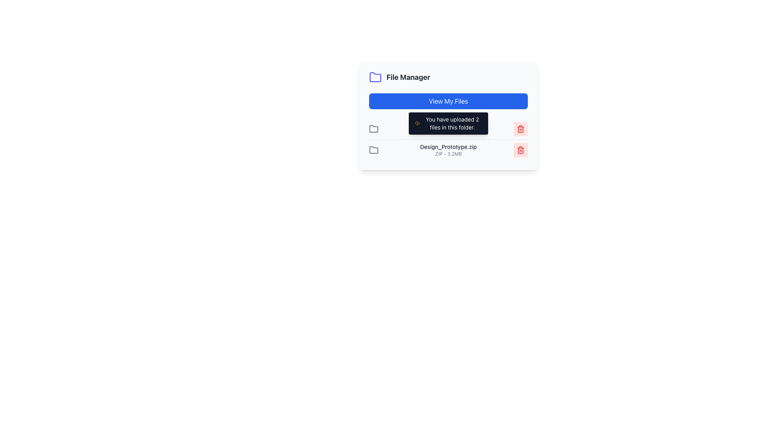  What do you see at coordinates (448, 100) in the screenshot?
I see `the rectangular blue button labeled 'View My Files' located within the 'File Manager' card` at bounding box center [448, 100].